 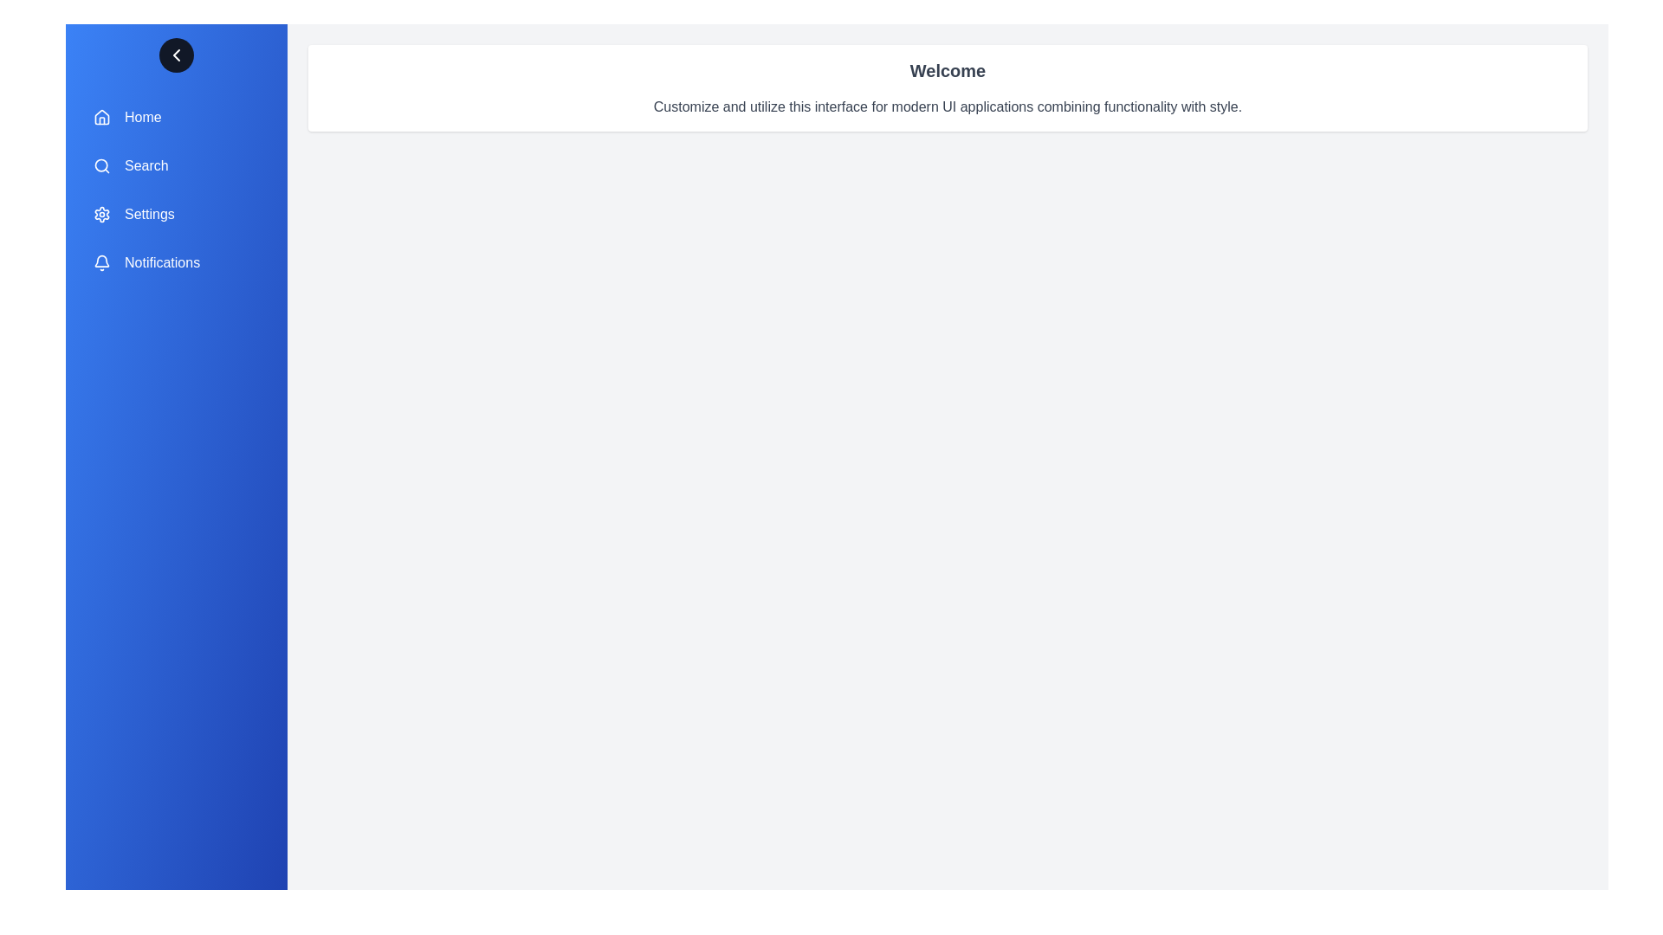 What do you see at coordinates (176, 55) in the screenshot?
I see `toggle button on the drawer to change its state` at bounding box center [176, 55].